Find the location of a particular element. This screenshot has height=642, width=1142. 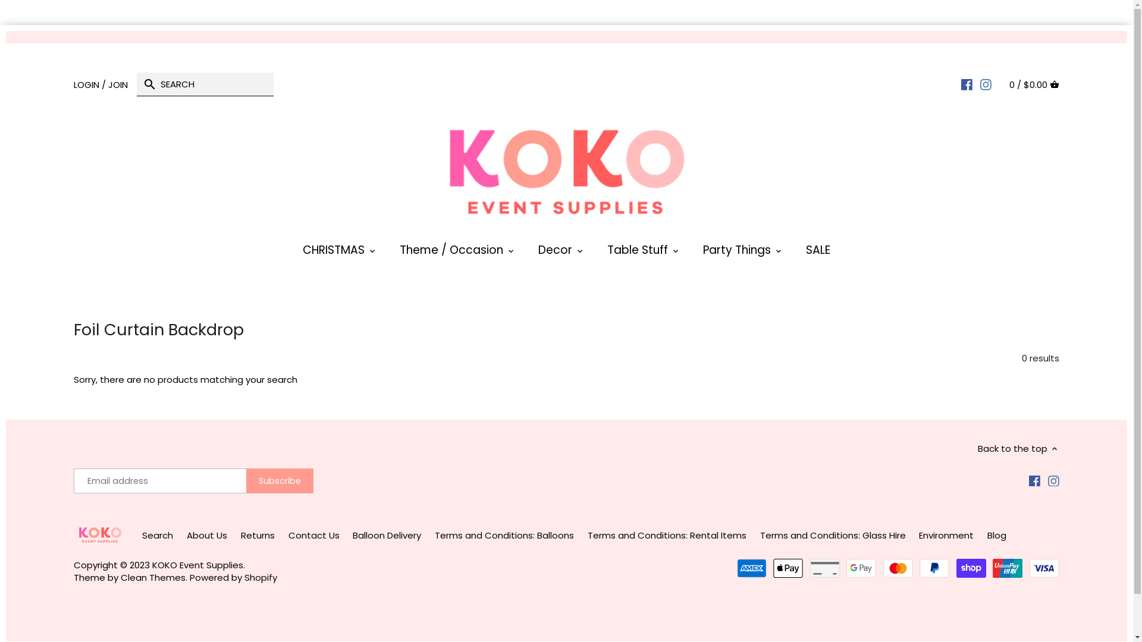

'0 / $0.00 CART' is located at coordinates (1033, 83).